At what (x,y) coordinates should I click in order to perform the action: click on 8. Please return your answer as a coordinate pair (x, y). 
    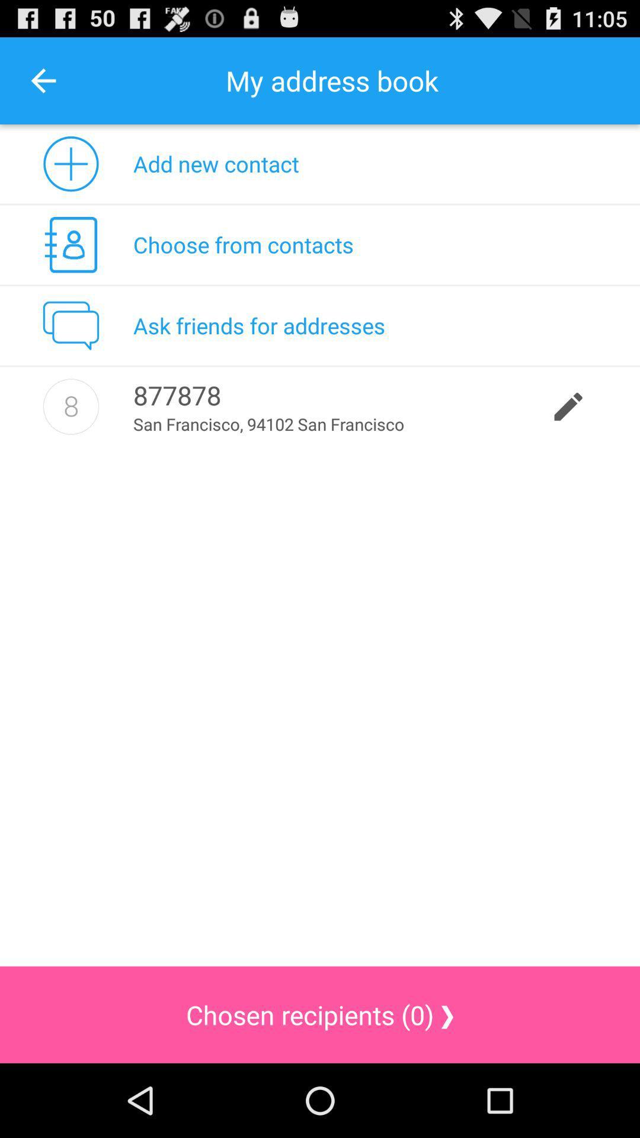
    Looking at the image, I should click on (71, 407).